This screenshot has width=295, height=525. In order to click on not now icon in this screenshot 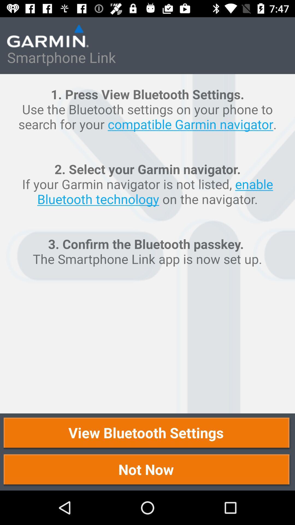, I will do `click(147, 470)`.